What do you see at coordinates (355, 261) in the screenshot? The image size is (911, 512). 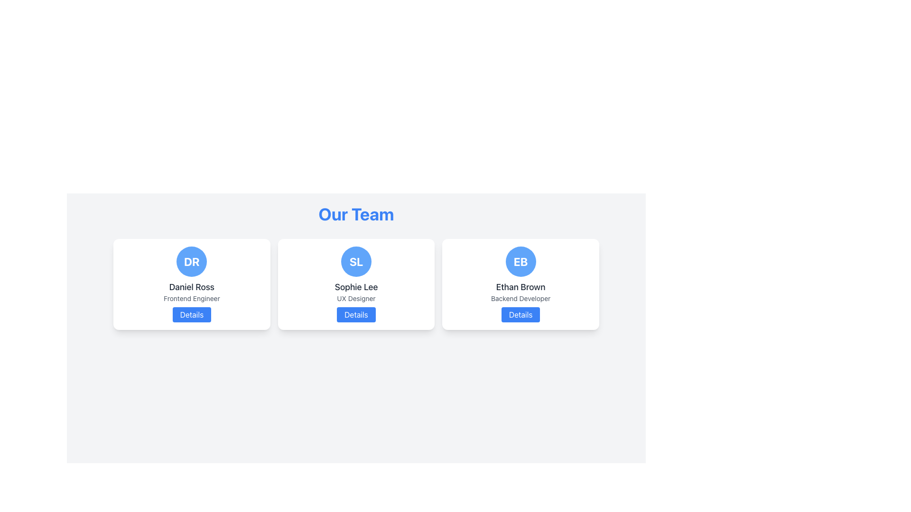 I see `the avatar badge representing the user Sophie Lee, which is positioned above the 'Sophie Lee' text and aligned with the 'UX Designer' role and 'Details' button` at bounding box center [355, 261].